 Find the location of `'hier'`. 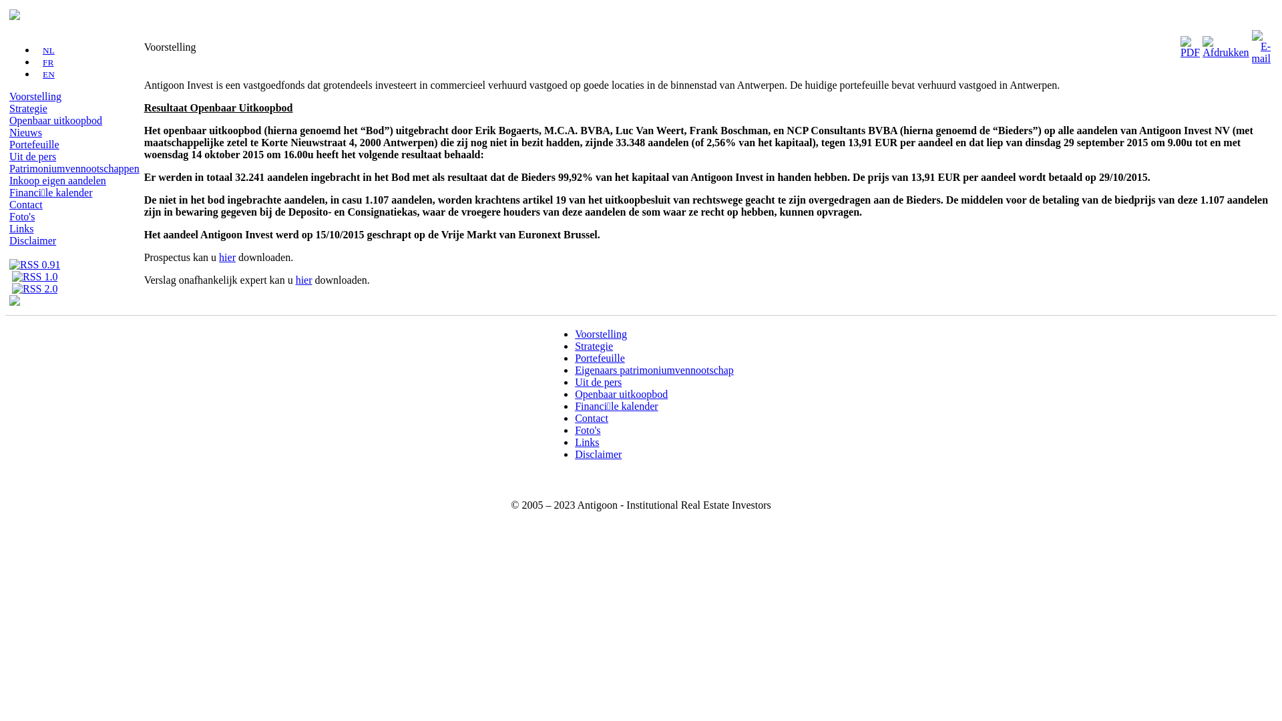

'hier' is located at coordinates (303, 279).